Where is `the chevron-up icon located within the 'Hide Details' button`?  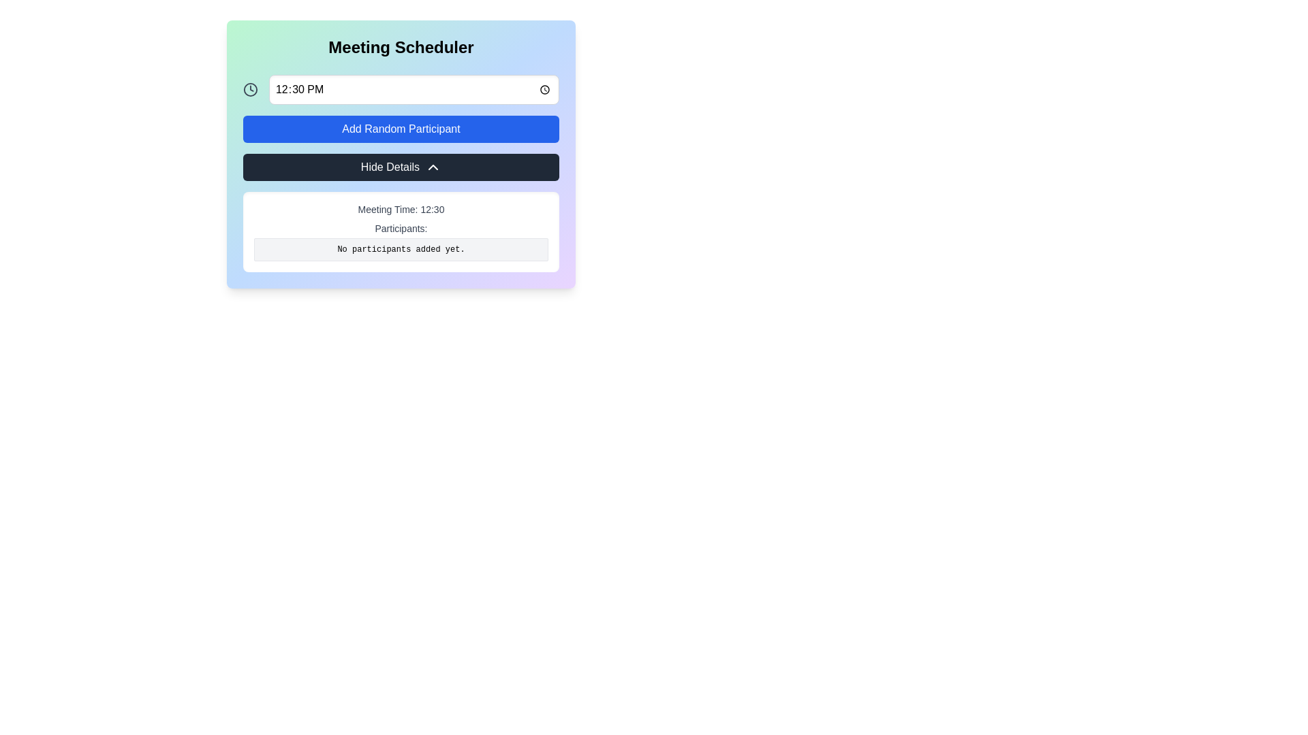 the chevron-up icon located within the 'Hide Details' button is located at coordinates (432, 167).